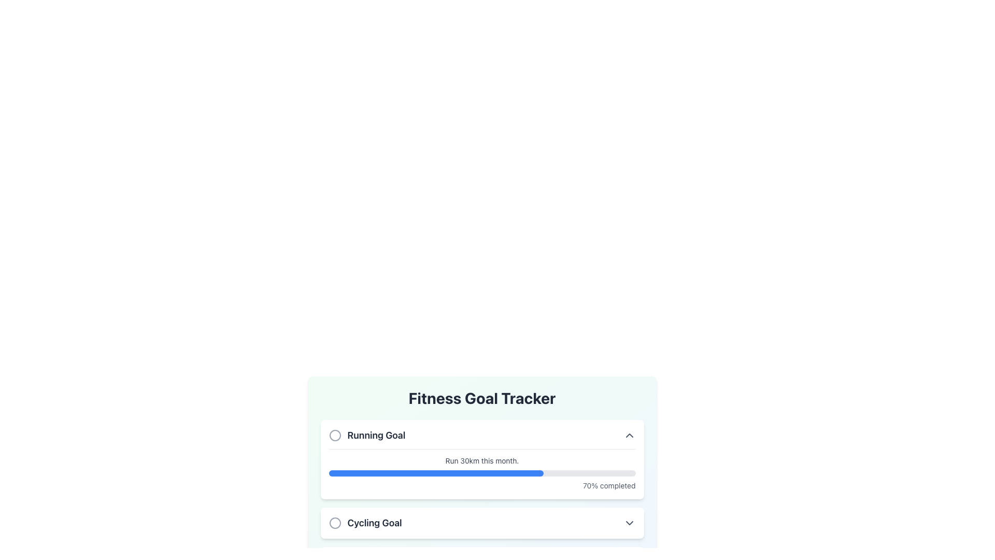 This screenshot has width=995, height=560. What do you see at coordinates (374, 523) in the screenshot?
I see `text displayed on the cycling-related goal label located to the right of the circular icon in the fitness tracking interface` at bounding box center [374, 523].